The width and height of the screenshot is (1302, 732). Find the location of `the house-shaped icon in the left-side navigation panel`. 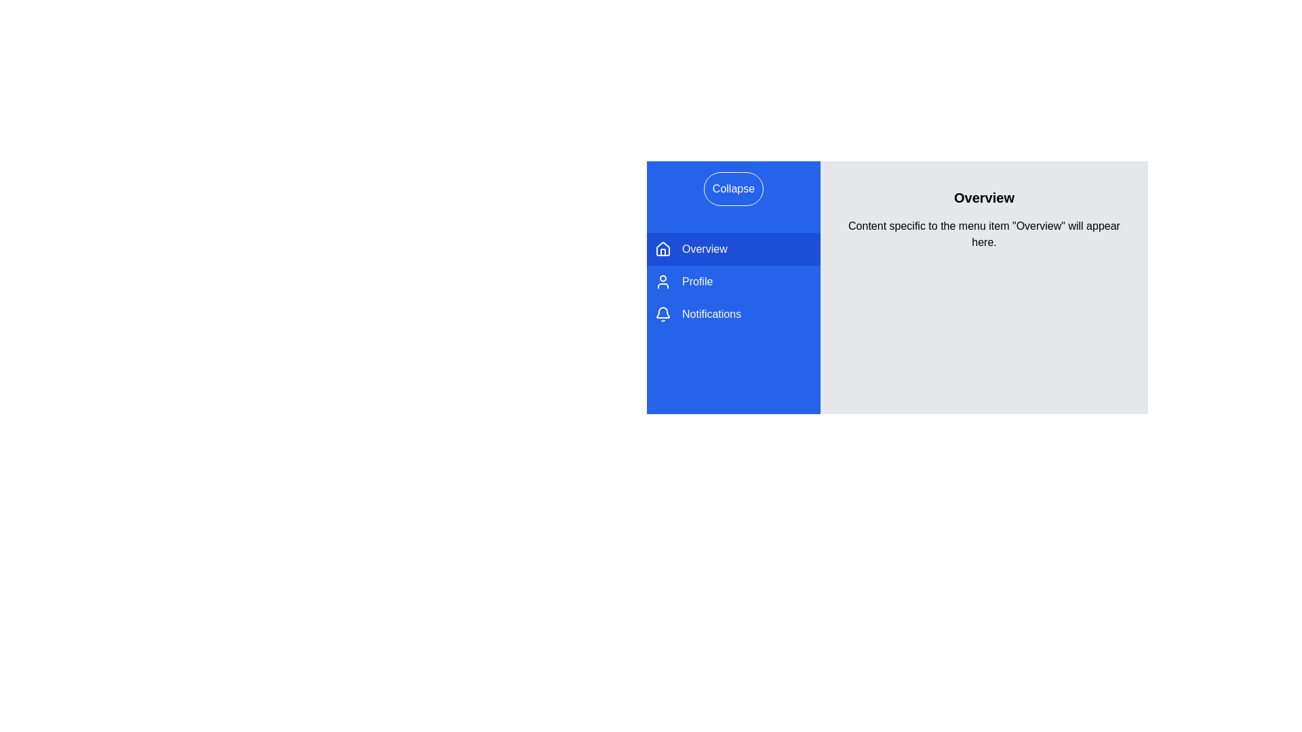

the house-shaped icon in the left-side navigation panel is located at coordinates (663, 249).